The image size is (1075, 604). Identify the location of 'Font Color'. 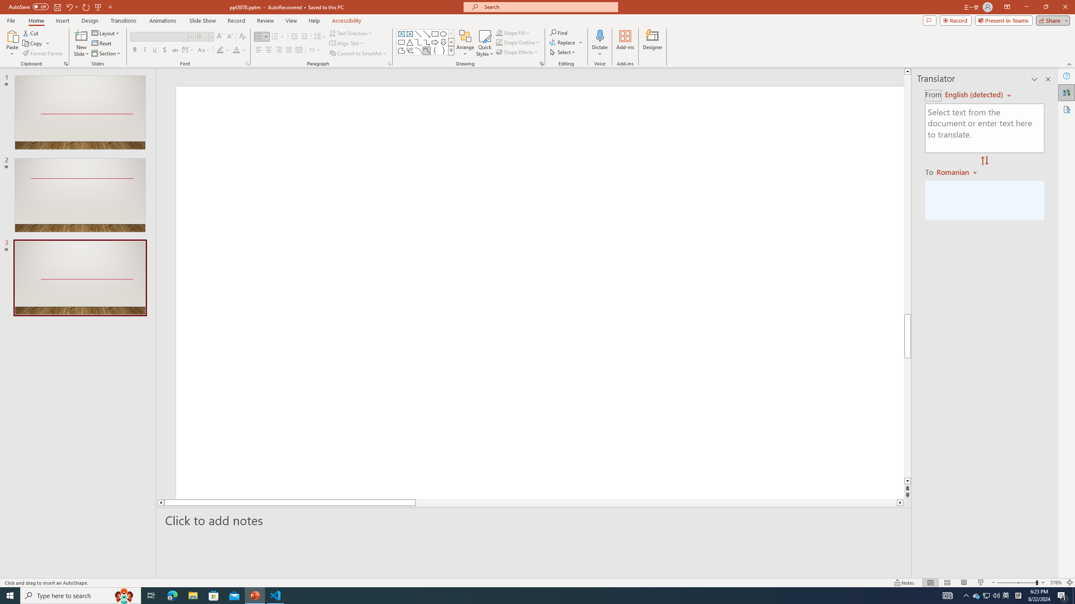
(239, 49).